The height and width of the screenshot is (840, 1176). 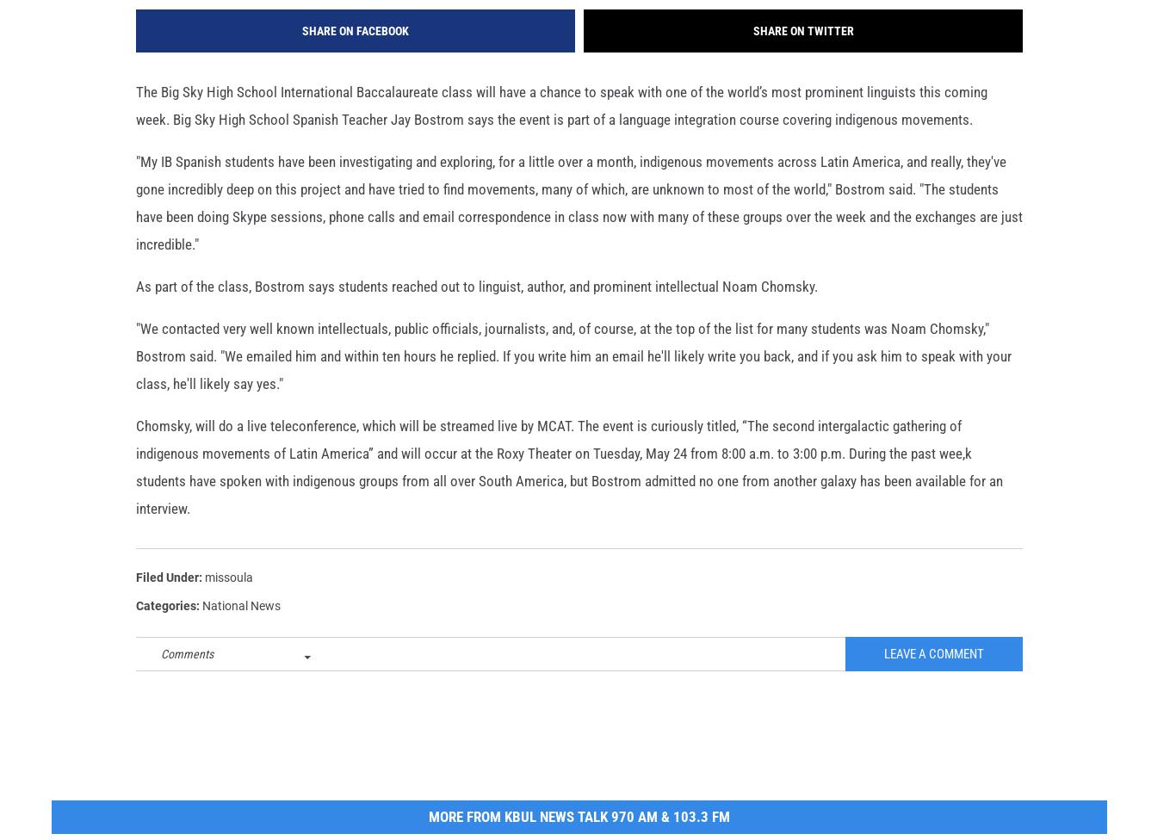 What do you see at coordinates (135, 314) in the screenshot?
I see `'As part of the class, Bostrom says students reached out to linguist, author, and prominent intellectual Noam Chomsky.'` at bounding box center [135, 314].